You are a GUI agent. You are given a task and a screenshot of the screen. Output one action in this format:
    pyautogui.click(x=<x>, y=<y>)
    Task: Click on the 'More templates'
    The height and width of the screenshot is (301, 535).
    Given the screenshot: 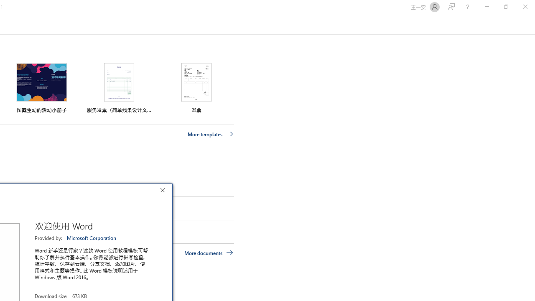 What is the action you would take?
    pyautogui.click(x=210, y=134)
    